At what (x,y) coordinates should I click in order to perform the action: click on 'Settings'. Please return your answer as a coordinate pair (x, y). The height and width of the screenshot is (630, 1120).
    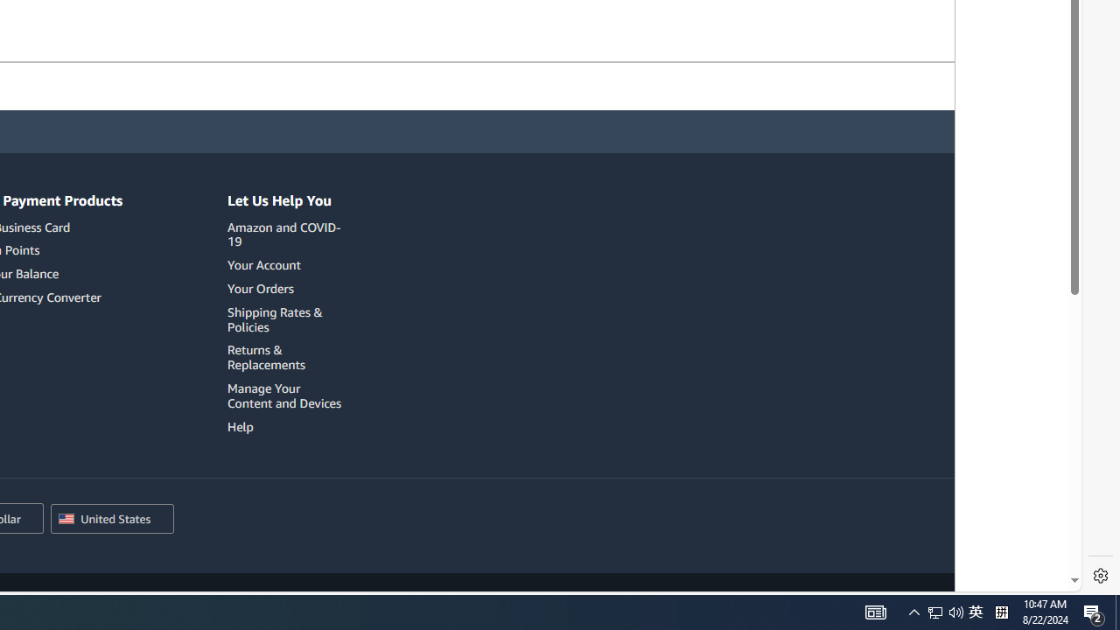
    Looking at the image, I should click on (1100, 576).